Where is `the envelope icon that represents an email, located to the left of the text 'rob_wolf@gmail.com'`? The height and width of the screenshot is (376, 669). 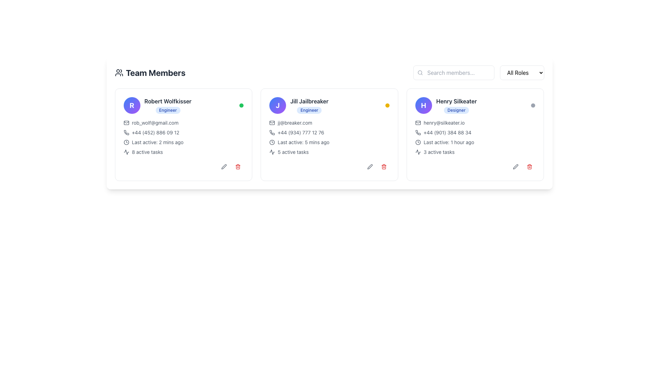
the envelope icon that represents an email, located to the left of the text 'rob_wolf@gmail.com' is located at coordinates (126, 123).